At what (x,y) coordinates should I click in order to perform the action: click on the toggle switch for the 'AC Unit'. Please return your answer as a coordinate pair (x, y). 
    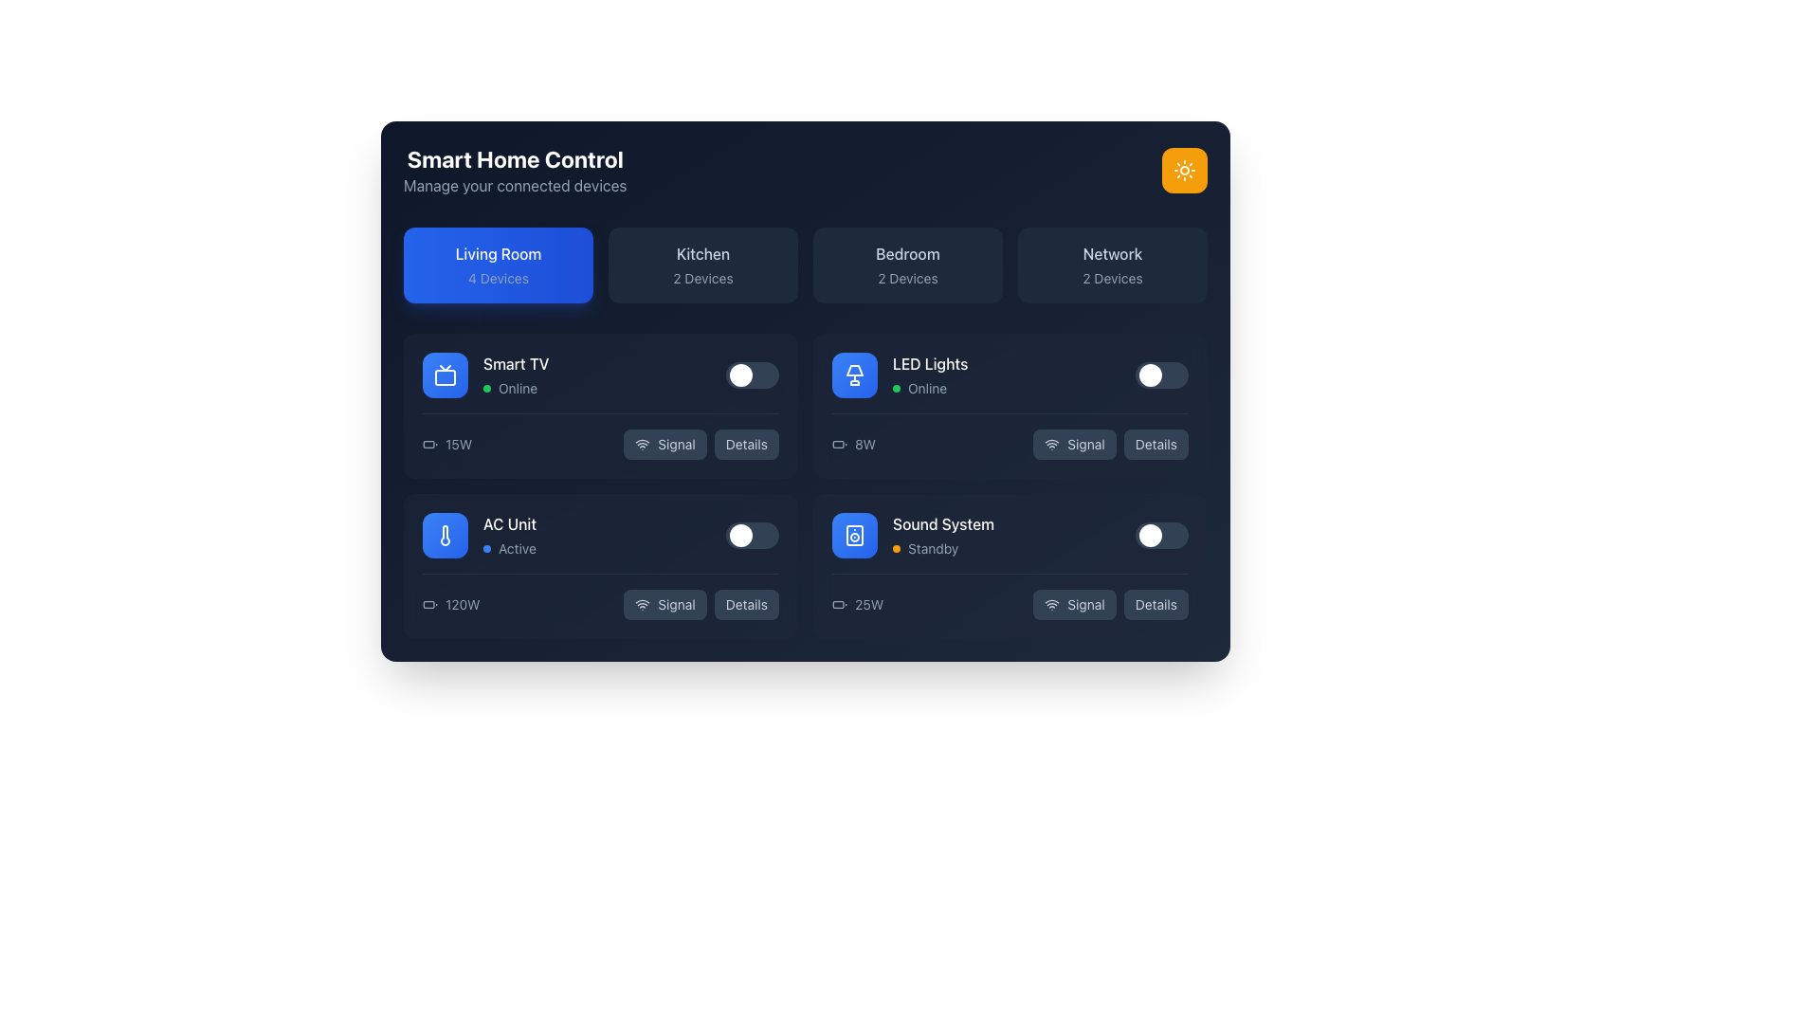
    Looking at the image, I should click on (751, 535).